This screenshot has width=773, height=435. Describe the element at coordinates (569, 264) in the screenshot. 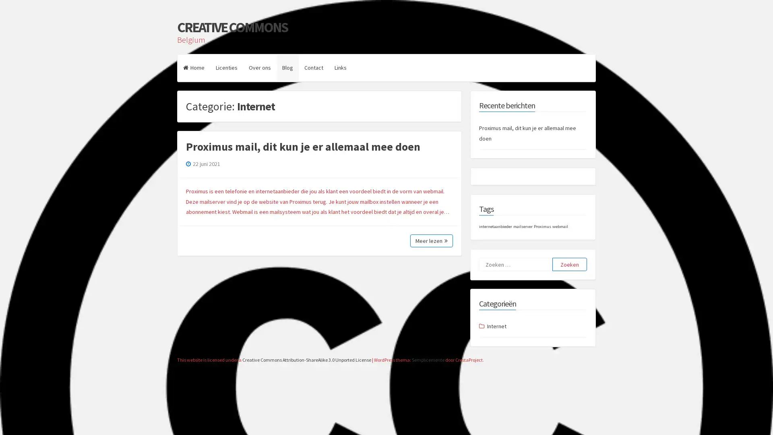

I see `Zoeken` at that location.